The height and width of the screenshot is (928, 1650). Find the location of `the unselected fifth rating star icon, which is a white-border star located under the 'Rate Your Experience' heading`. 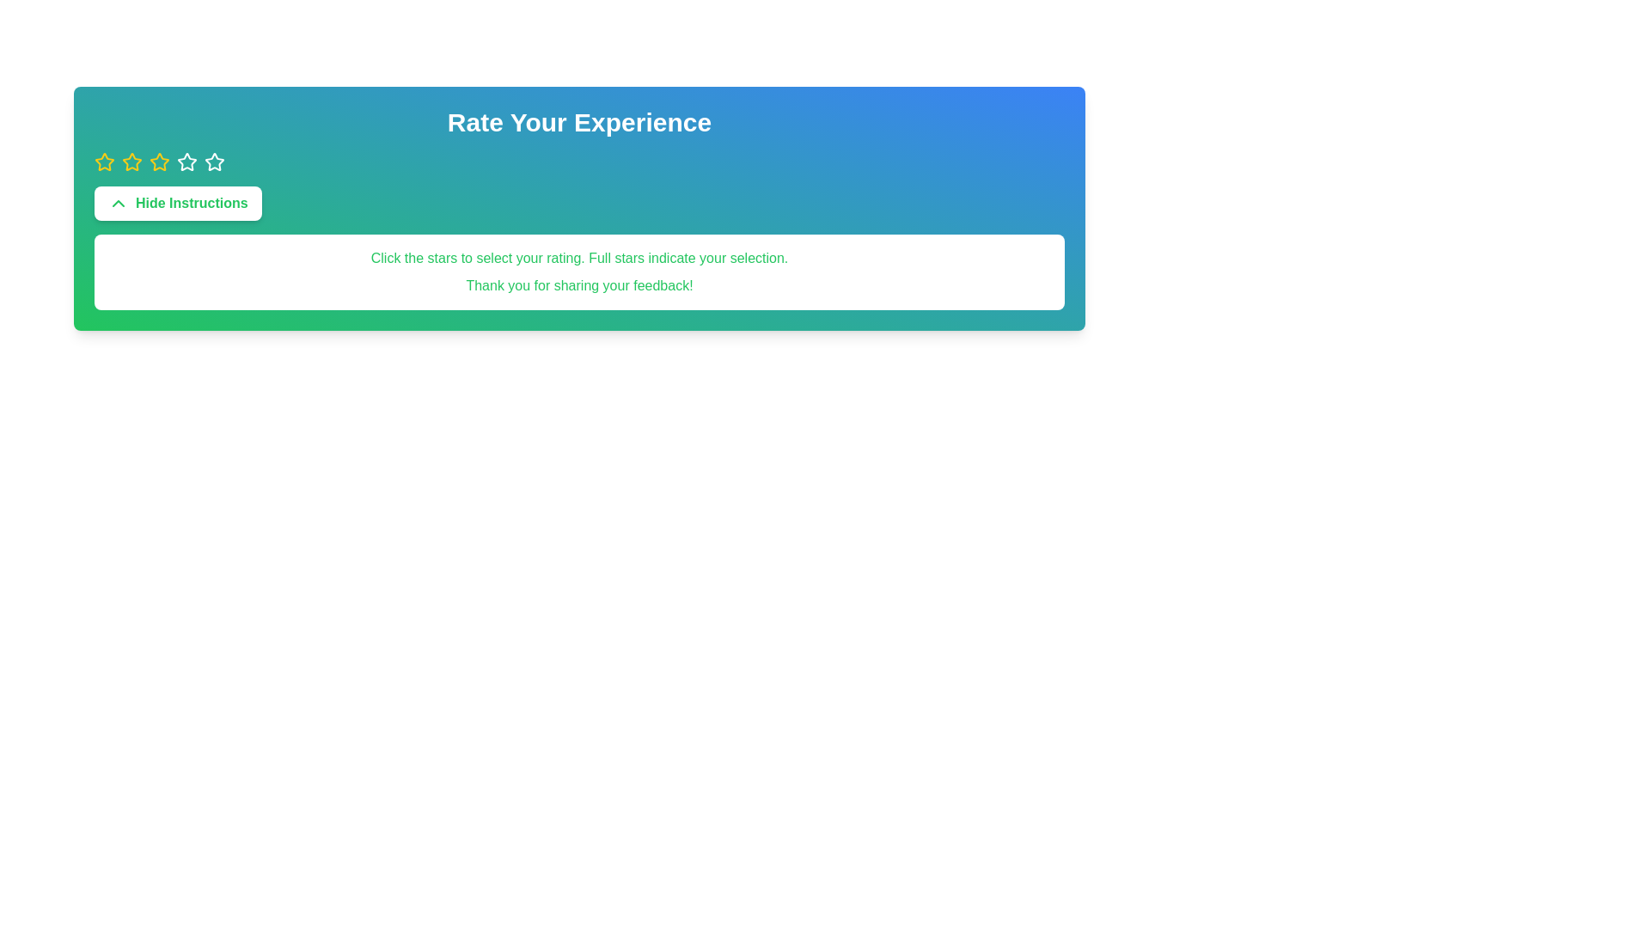

the unselected fifth rating star icon, which is a white-border star located under the 'Rate Your Experience' heading is located at coordinates (213, 162).